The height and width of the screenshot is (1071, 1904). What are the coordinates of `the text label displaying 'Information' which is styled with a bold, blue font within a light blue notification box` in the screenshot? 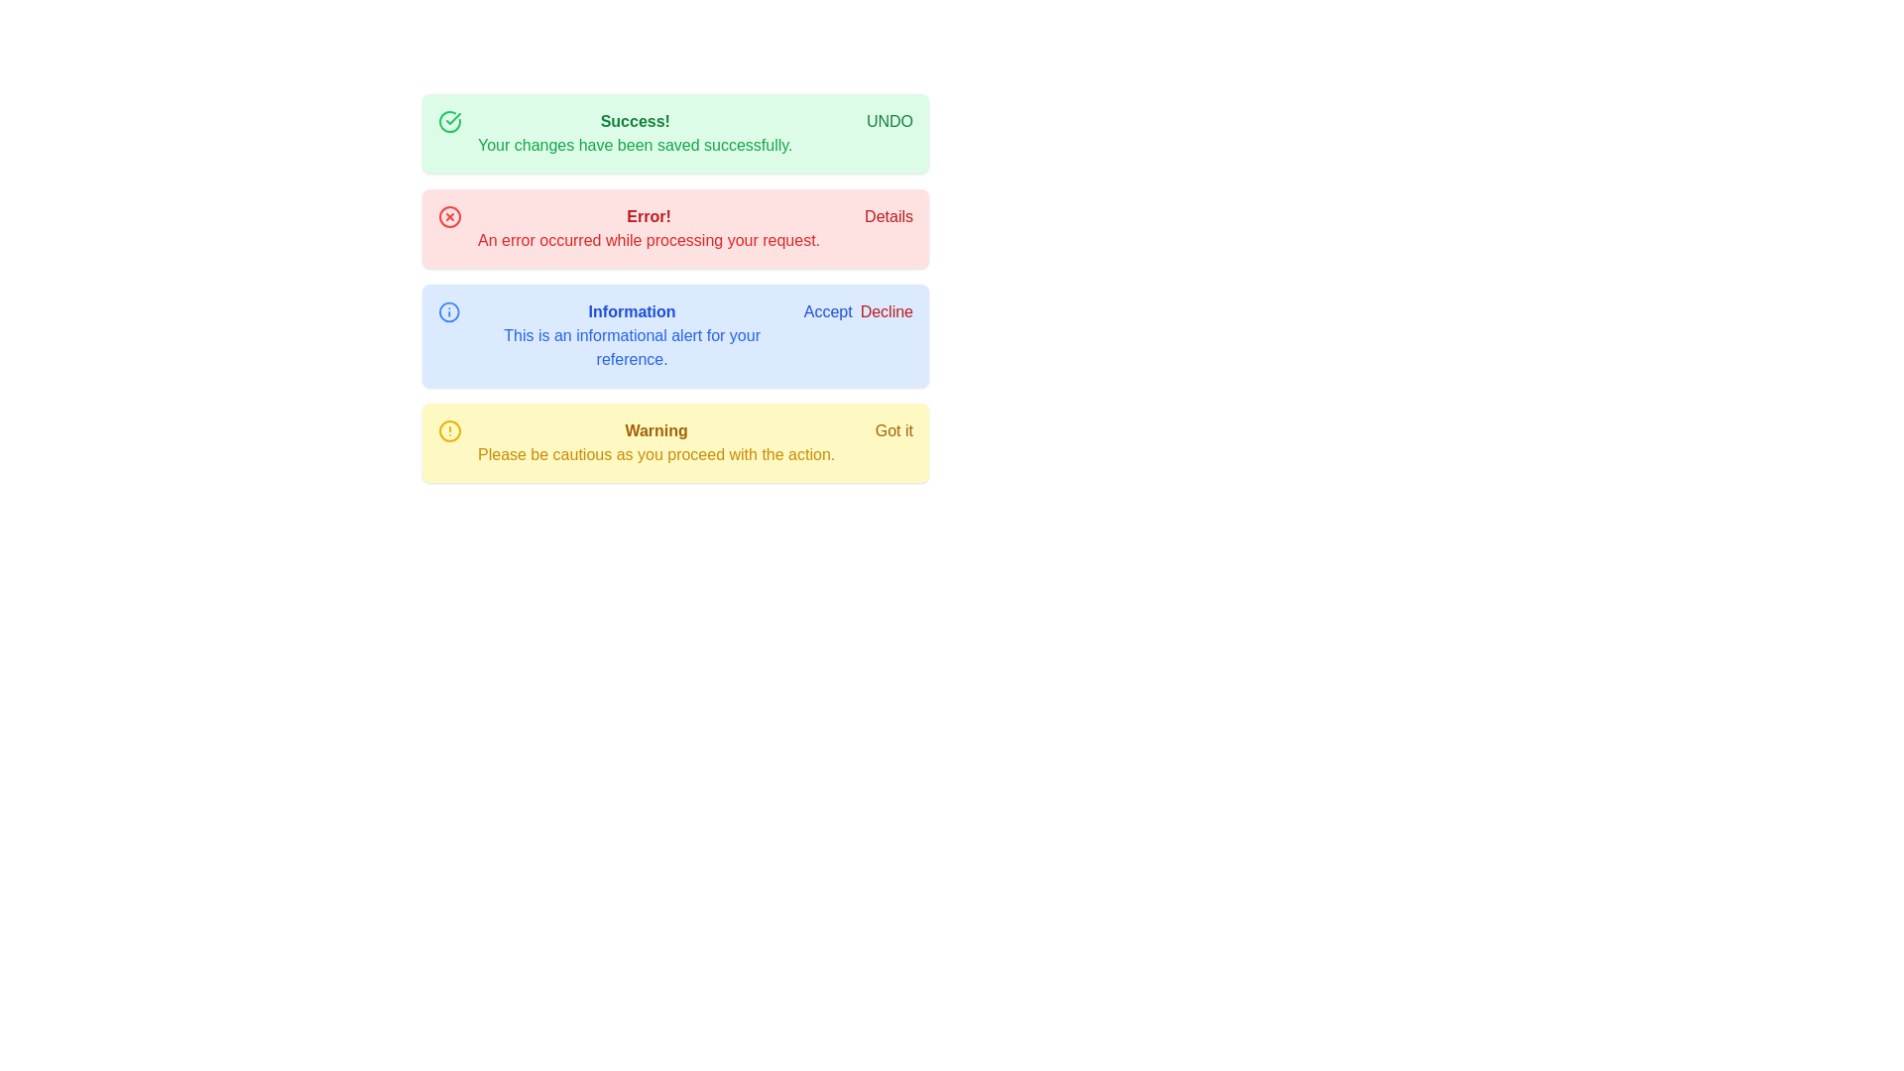 It's located at (631, 312).